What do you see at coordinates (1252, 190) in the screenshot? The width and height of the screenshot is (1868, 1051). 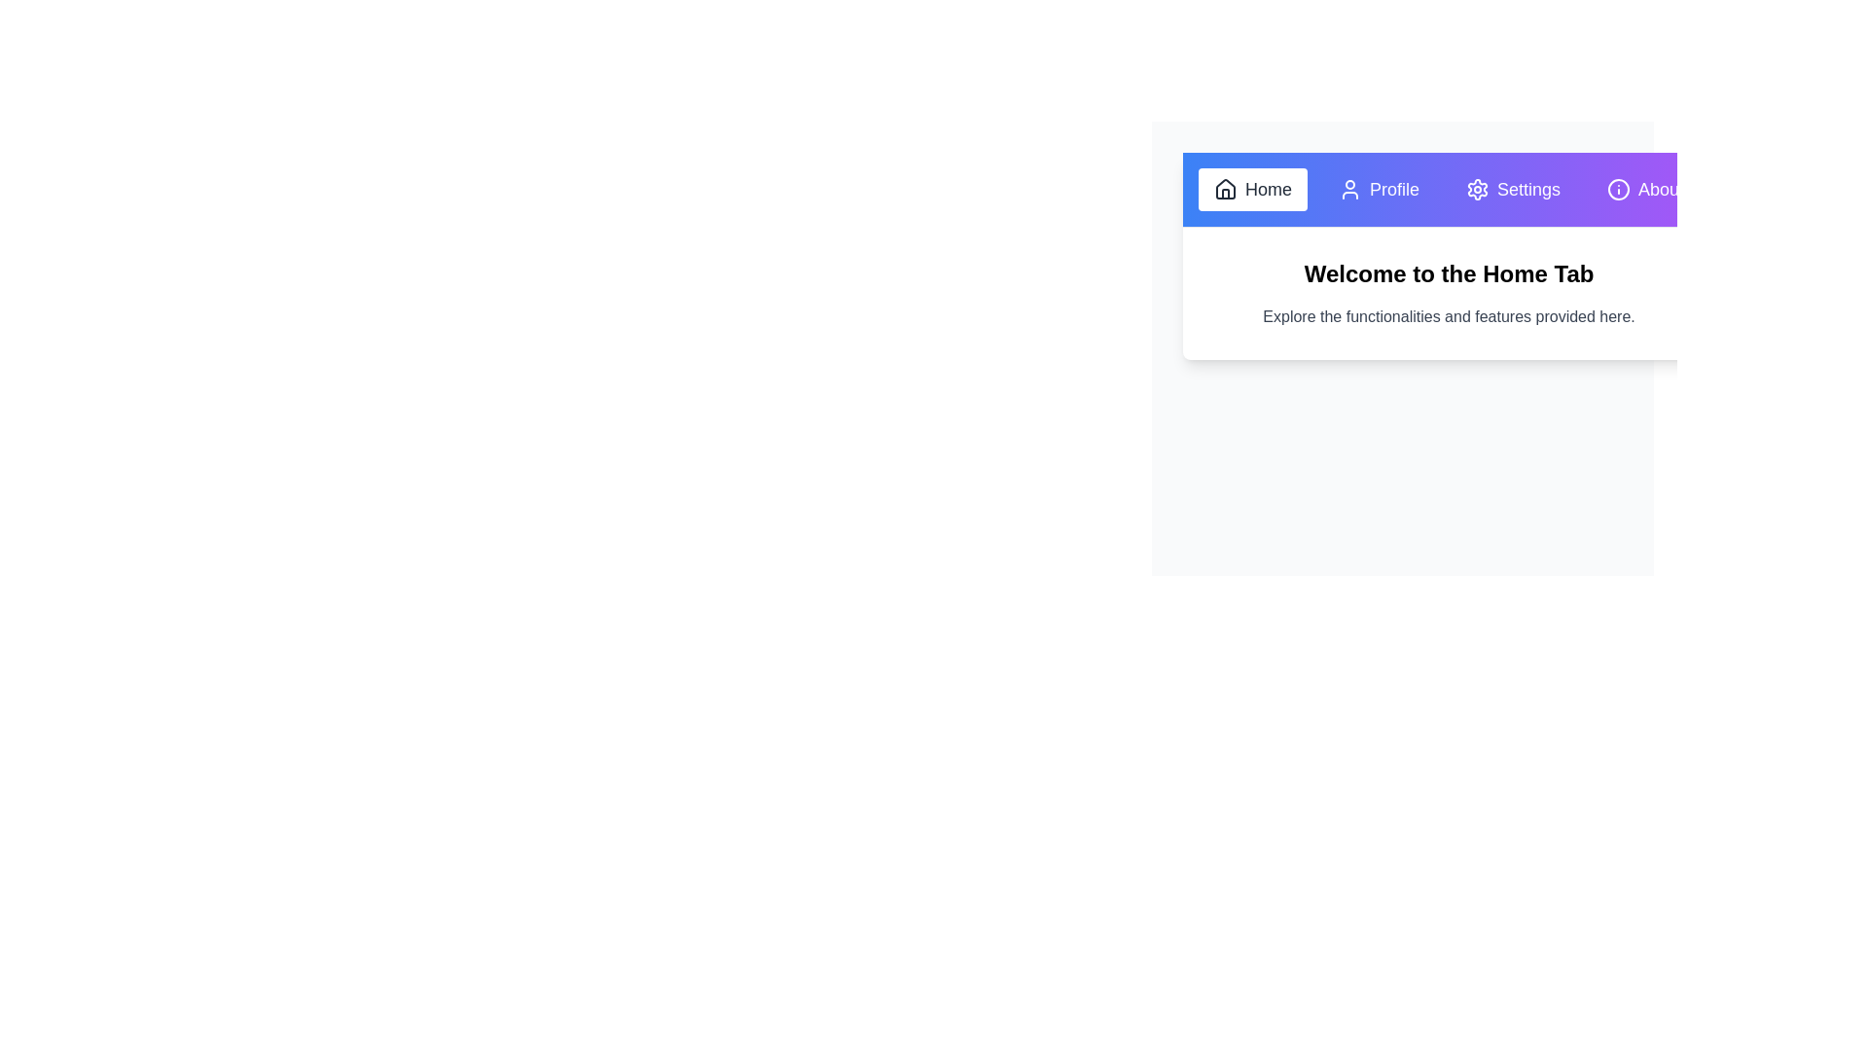 I see `the white button with a black house icon labeled 'Home' on the leftmost side of the navigation bar` at bounding box center [1252, 190].